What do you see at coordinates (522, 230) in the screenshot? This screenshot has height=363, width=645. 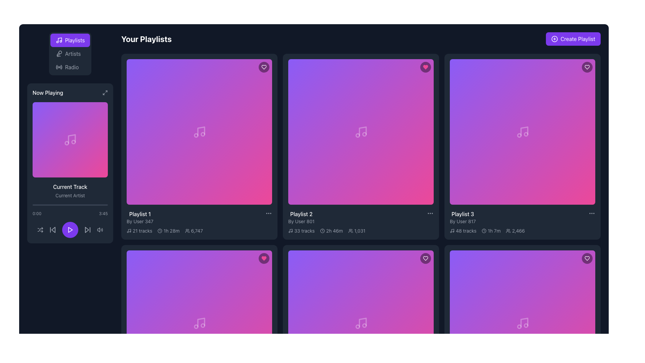 I see `information displayed in the composite informational label located at the lower end of the 'Playlist 3' card by 'User 817', which includes metadata about the number of tracks, total duration, and listeners or followers` at bounding box center [522, 230].